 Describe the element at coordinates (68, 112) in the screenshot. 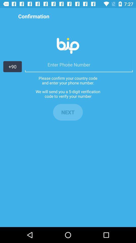

I see `next` at that location.